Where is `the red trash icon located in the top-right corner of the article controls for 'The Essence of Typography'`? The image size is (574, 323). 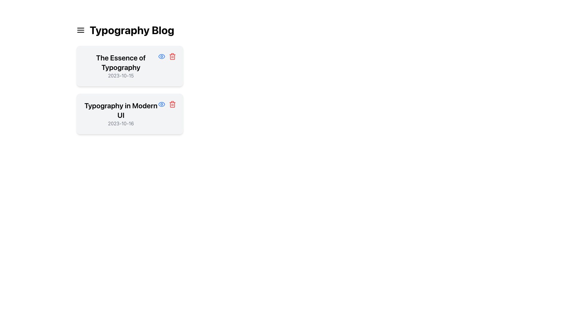 the red trash icon located in the top-right corner of the article controls for 'The Essence of Typography' is located at coordinates (167, 57).